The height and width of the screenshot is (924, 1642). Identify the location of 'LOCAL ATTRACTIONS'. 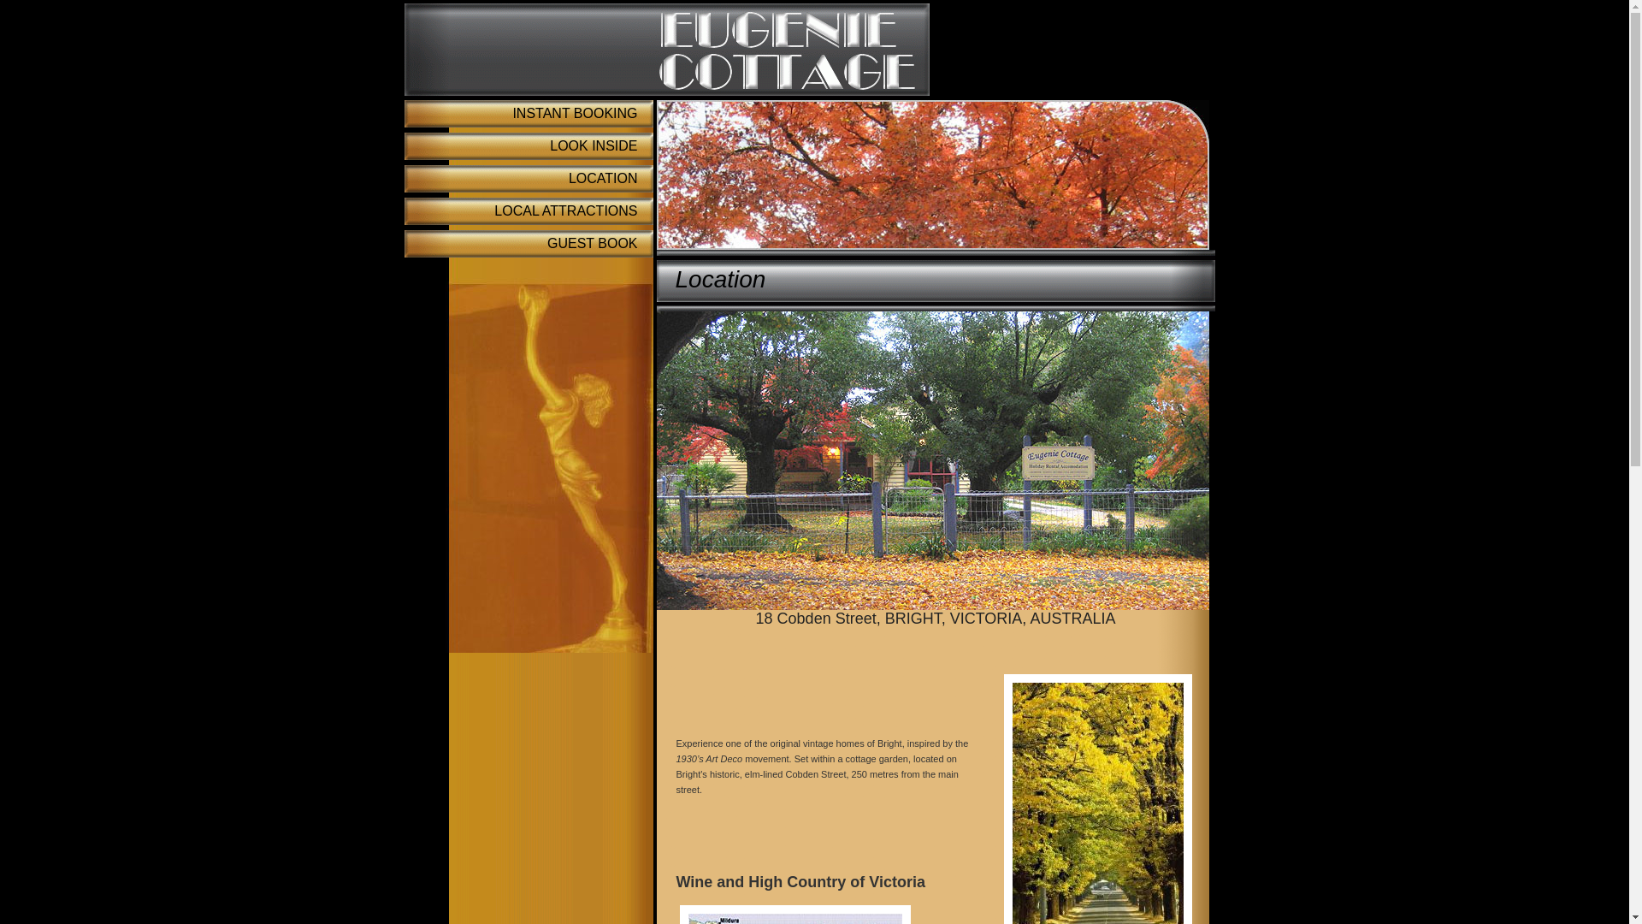
(402, 210).